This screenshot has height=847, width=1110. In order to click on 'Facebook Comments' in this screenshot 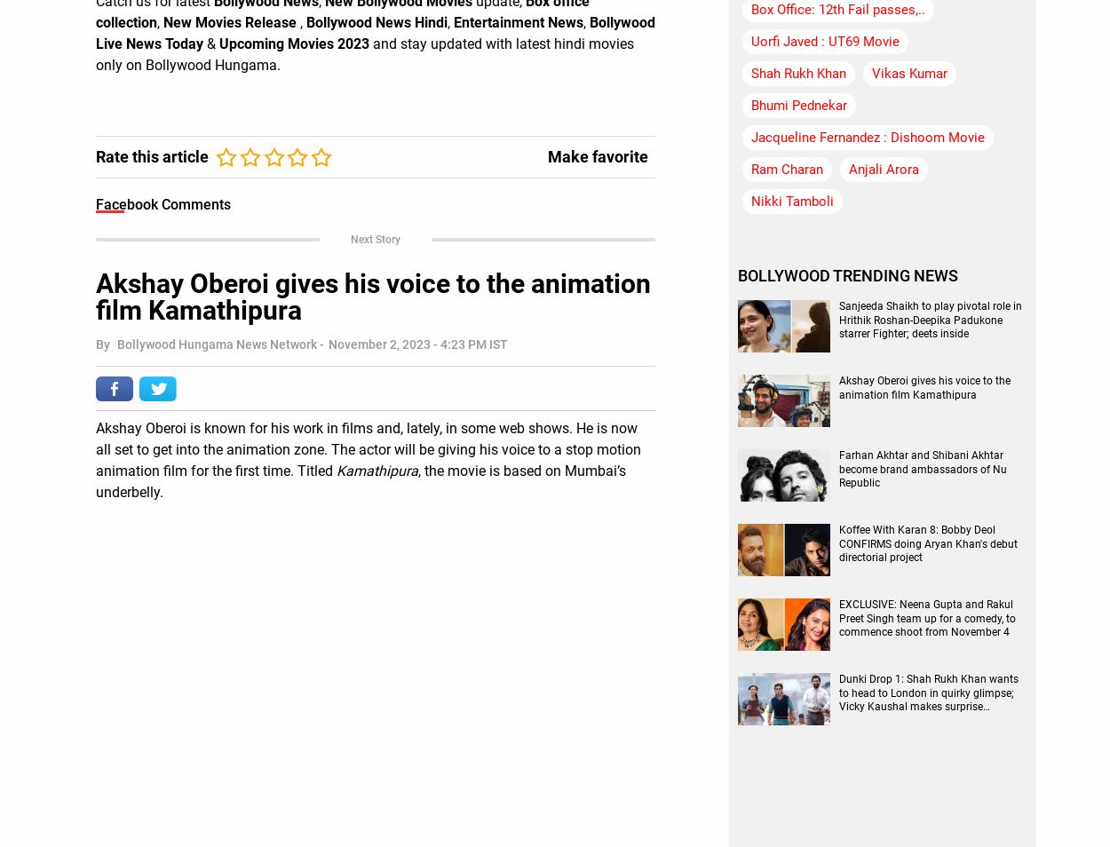, I will do `click(95, 202)`.